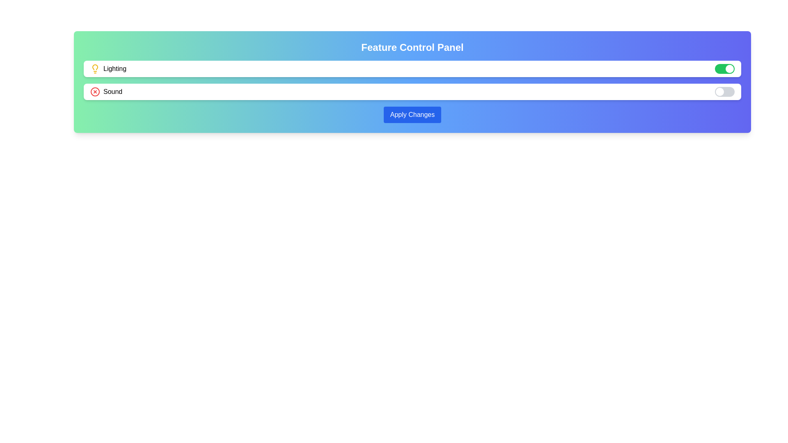 The width and height of the screenshot is (788, 443). What do you see at coordinates (412, 69) in the screenshot?
I see `the first toggleable list item under the 'Feature Control Panel'` at bounding box center [412, 69].